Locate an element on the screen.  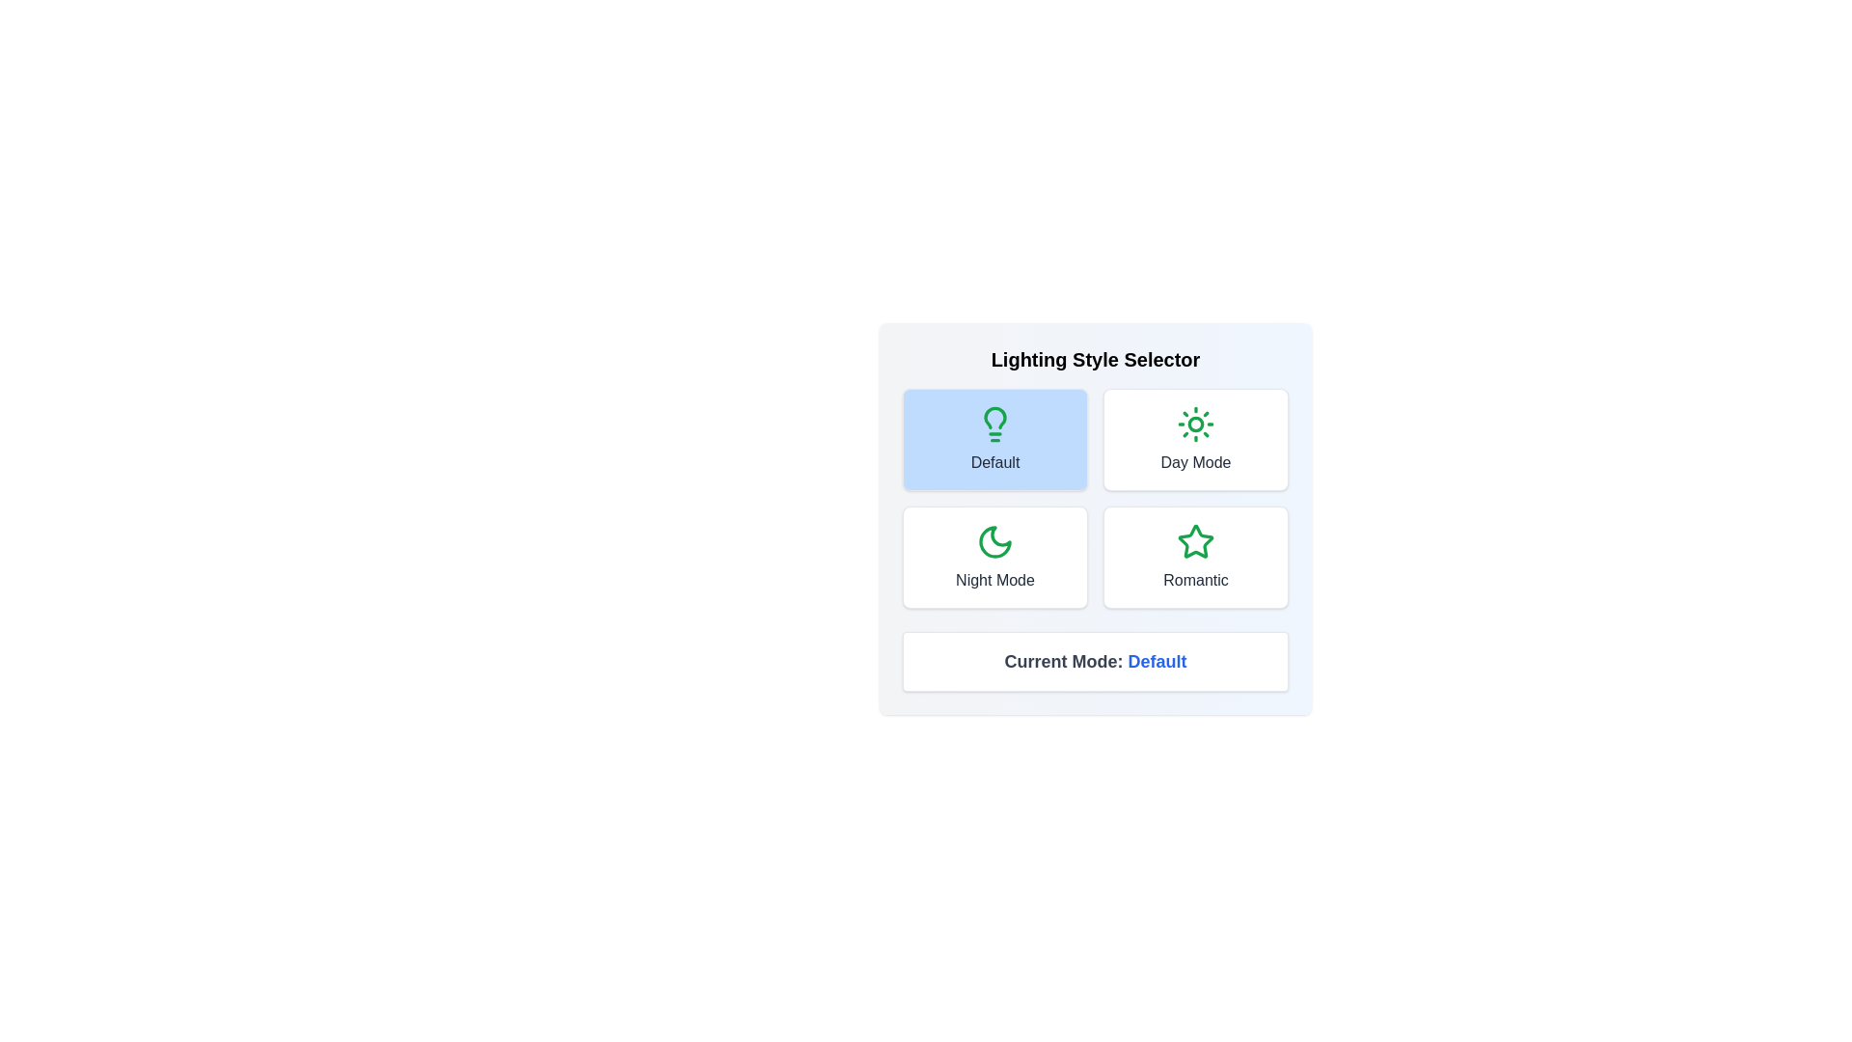
the button corresponding to the lighting mode Day Mode is located at coordinates (1194, 439).